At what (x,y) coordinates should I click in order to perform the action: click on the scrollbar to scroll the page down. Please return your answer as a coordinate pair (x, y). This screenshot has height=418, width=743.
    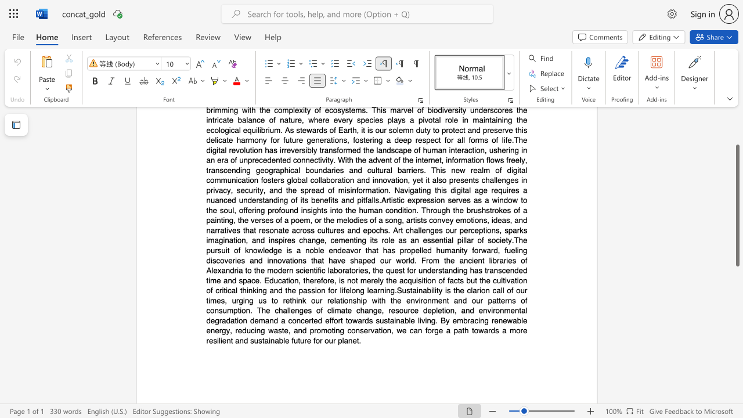
    Looking at the image, I should click on (737, 366).